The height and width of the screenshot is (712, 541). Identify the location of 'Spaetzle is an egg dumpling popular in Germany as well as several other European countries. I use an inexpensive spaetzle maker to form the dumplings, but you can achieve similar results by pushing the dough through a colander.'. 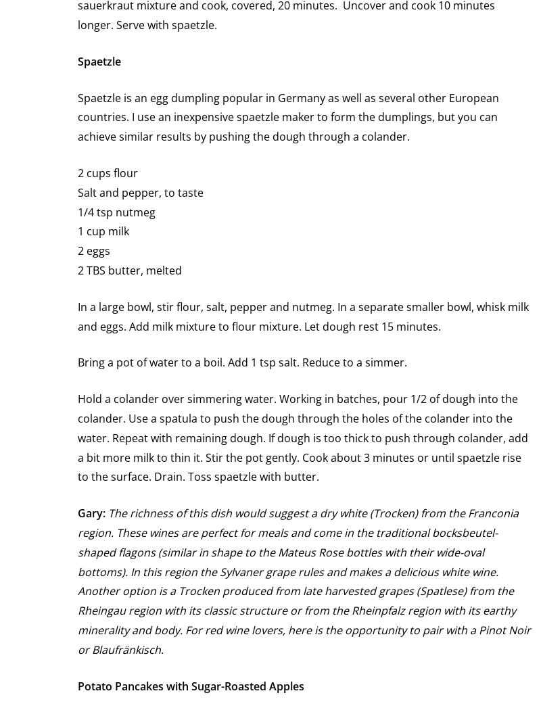
(76, 116).